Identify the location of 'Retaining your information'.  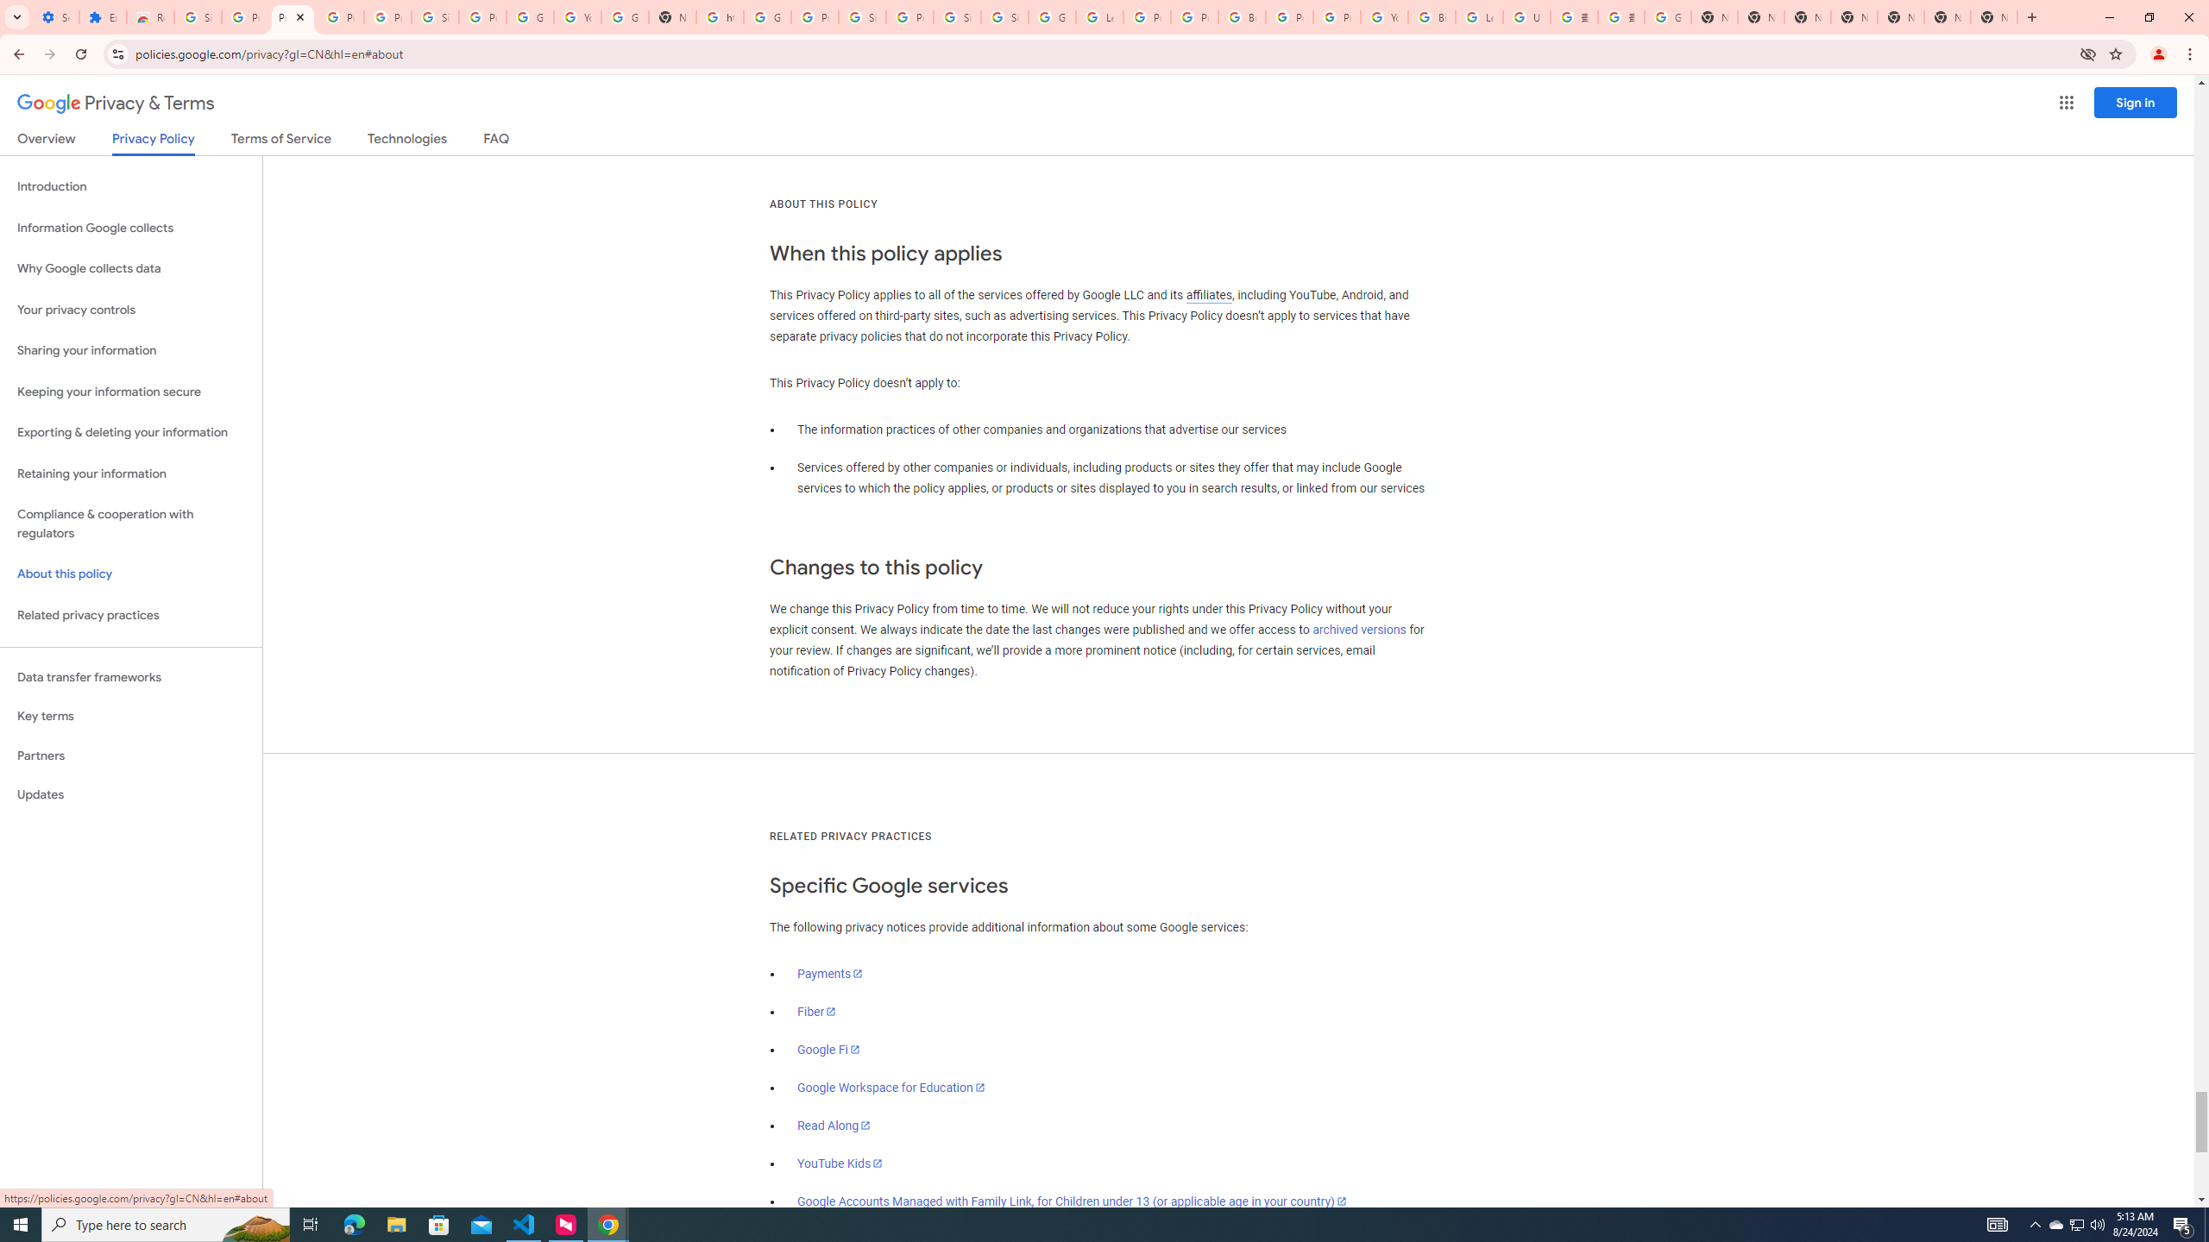
(130, 474).